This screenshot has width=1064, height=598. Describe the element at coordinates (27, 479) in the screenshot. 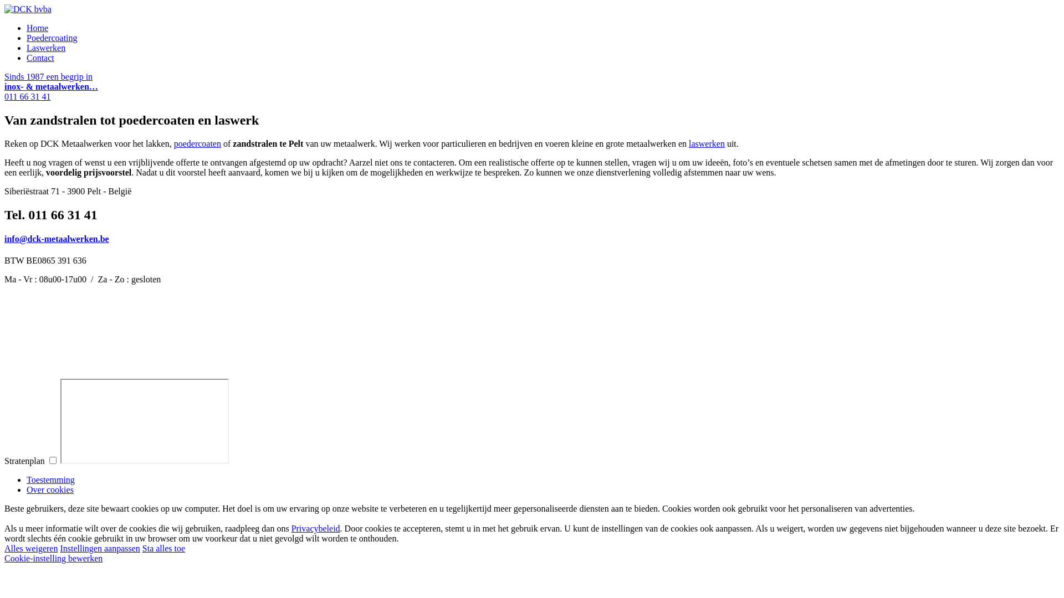

I see `'Toestemming'` at that location.